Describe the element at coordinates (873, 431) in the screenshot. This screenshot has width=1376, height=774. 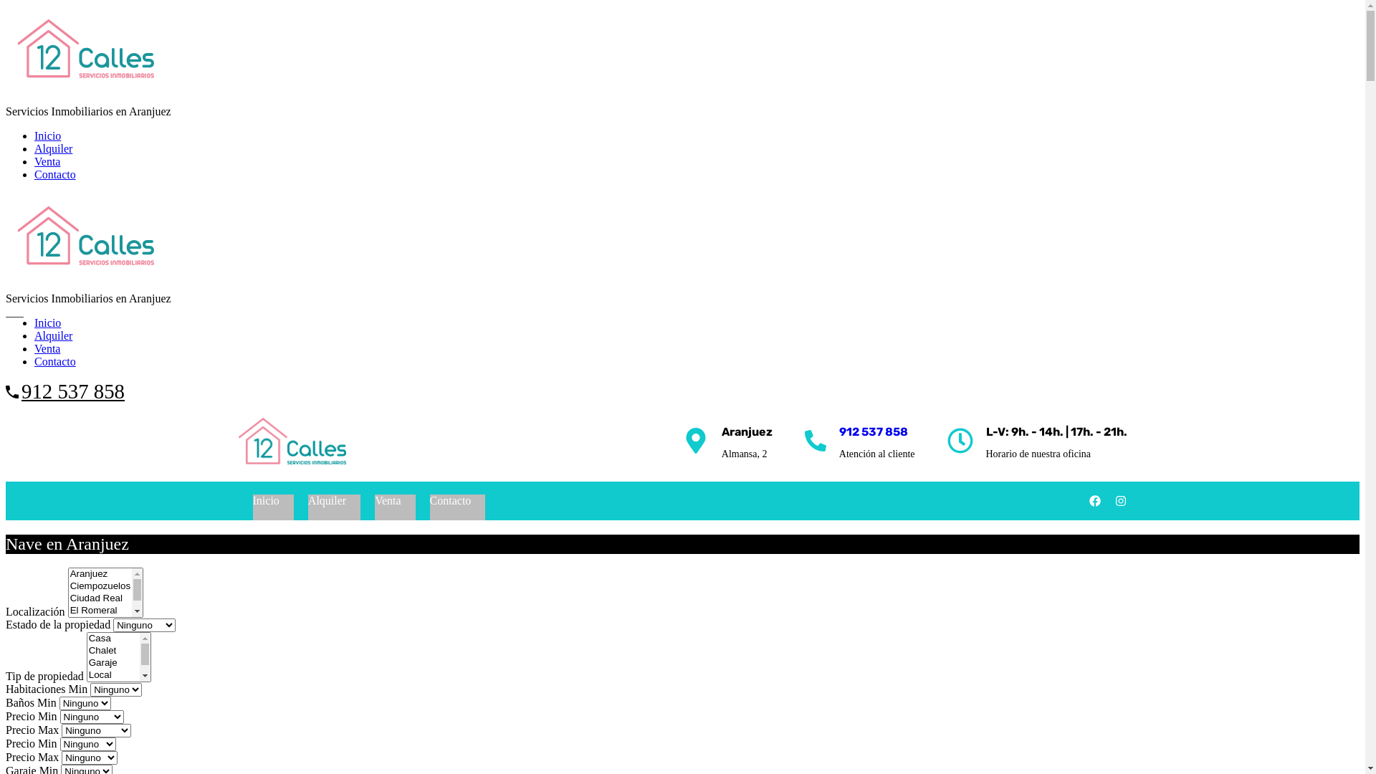
I see `'912 537 858'` at that location.